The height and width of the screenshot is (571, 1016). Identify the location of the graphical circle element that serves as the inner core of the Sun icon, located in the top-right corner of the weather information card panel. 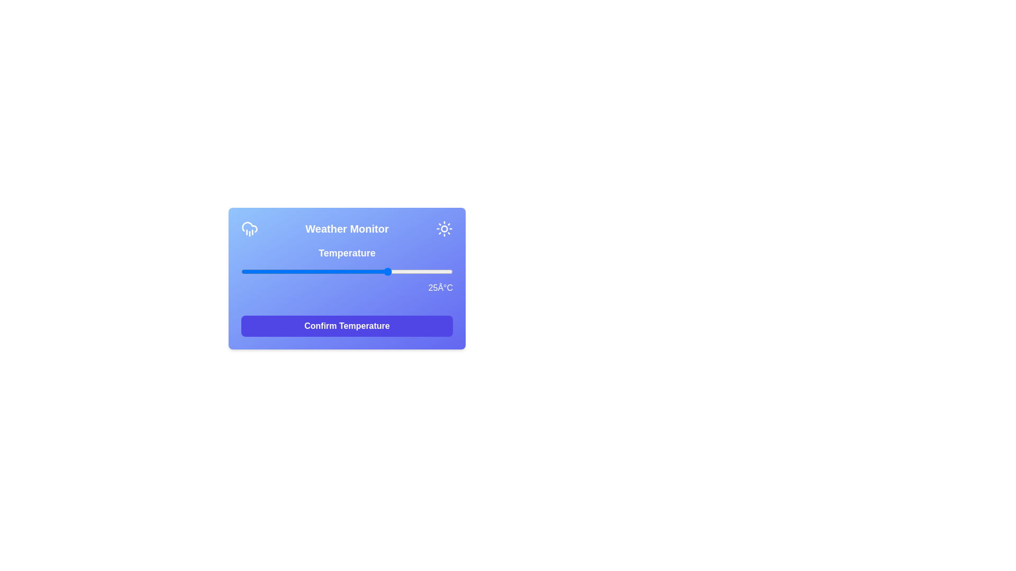
(444, 228).